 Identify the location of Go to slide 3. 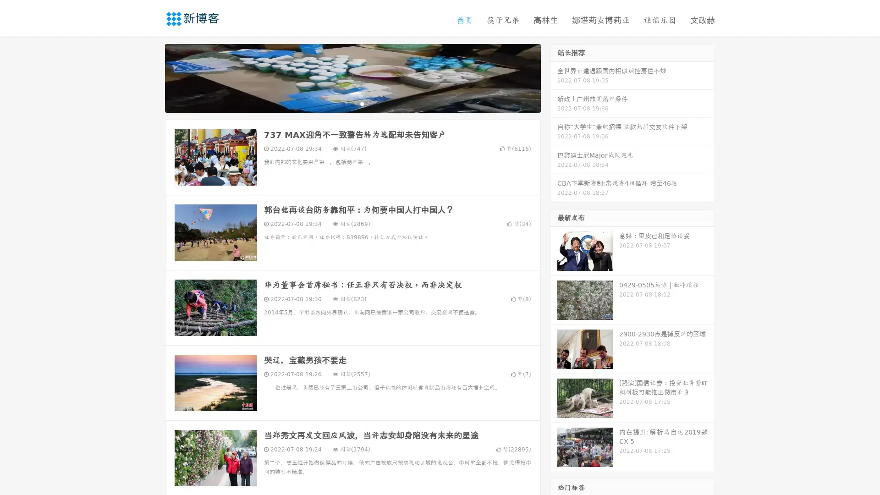
(362, 103).